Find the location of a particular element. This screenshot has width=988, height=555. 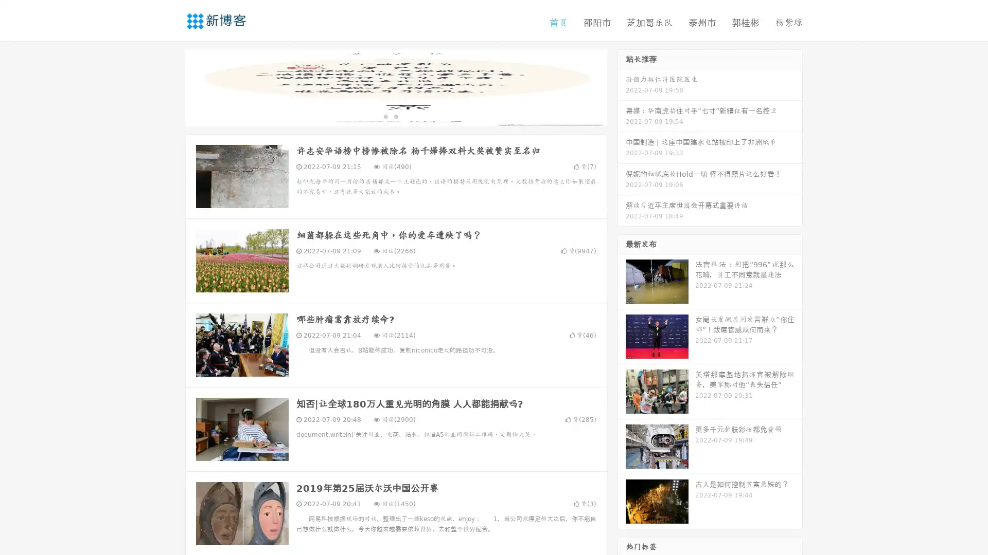

Next slide is located at coordinates (622, 86).